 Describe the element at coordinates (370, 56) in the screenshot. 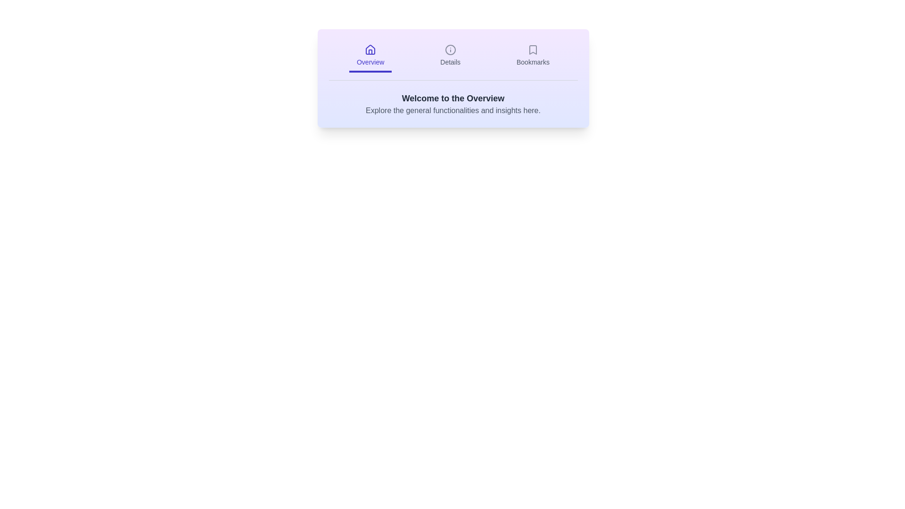

I see `the 'Overview' button, which features a house icon and indigo text, located at the top center of the interface as the first tab in a group of tabs` at that location.